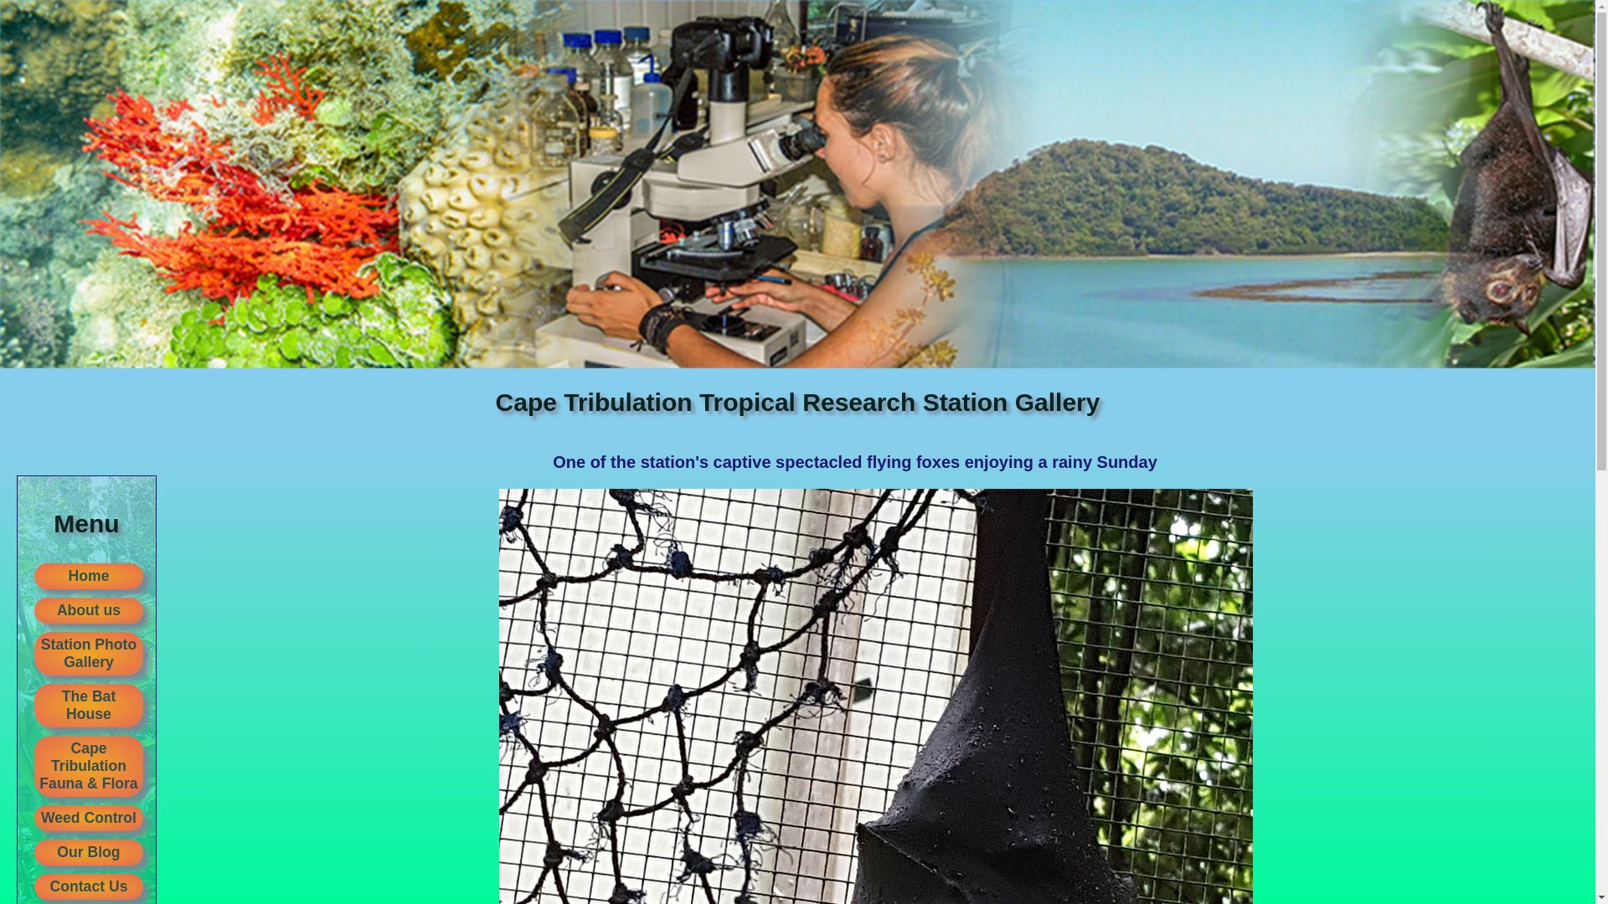 This screenshot has height=904, width=1608. What do you see at coordinates (87, 575) in the screenshot?
I see `'Home'` at bounding box center [87, 575].